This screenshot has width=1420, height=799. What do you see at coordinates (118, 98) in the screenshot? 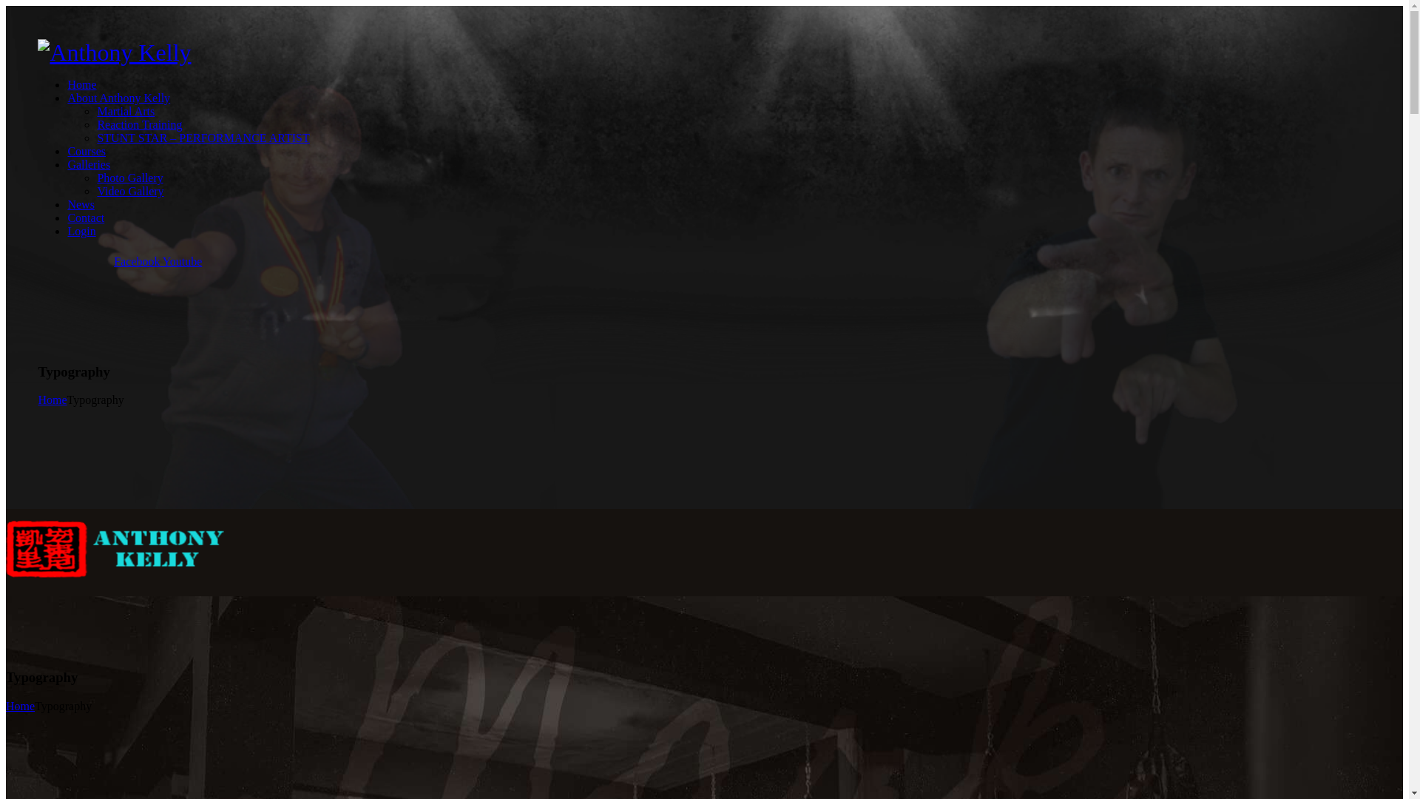
I see `'About Anthony Kelly'` at bounding box center [118, 98].